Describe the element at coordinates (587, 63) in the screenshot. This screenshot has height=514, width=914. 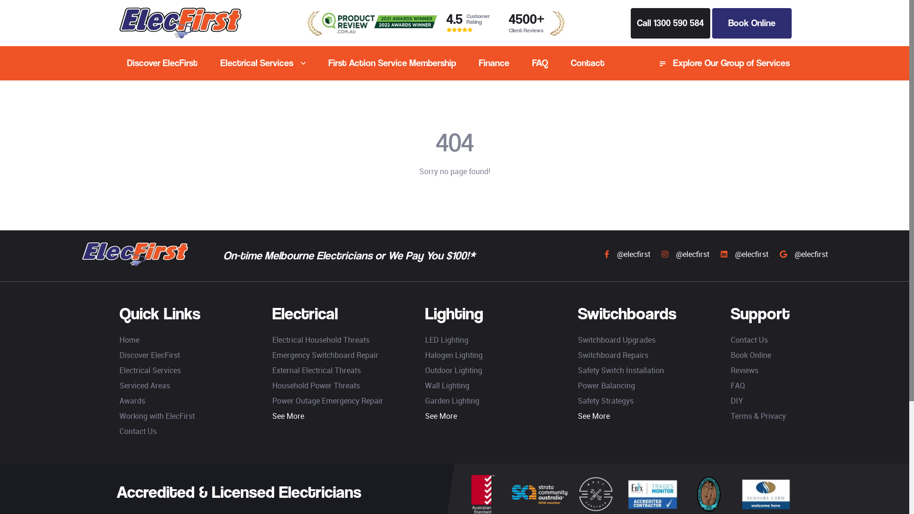
I see `'Contact'` at that location.